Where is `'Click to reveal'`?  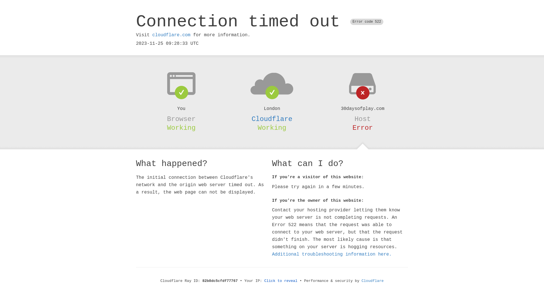 'Click to reveal' is located at coordinates (281, 281).